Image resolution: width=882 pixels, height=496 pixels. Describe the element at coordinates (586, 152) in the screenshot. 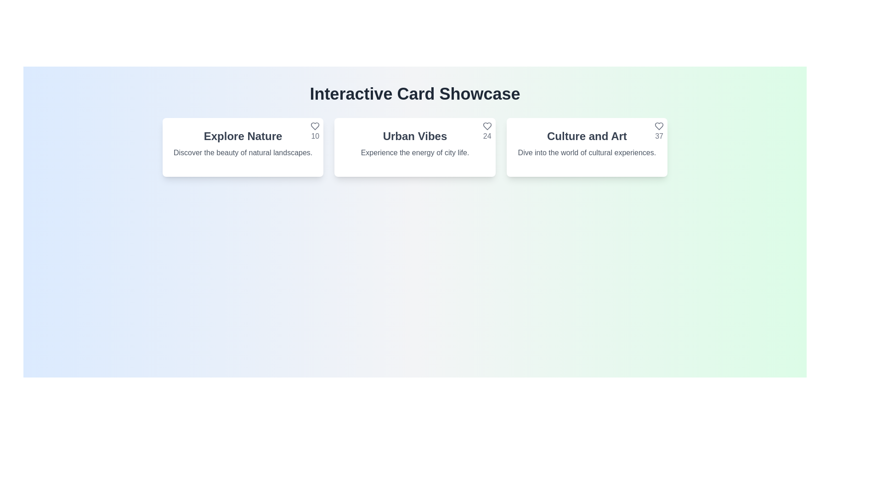

I see `descriptive text element located under the title 'Culture and Art' in the third card from the left, which provides supportive information related to the card's main title` at that location.